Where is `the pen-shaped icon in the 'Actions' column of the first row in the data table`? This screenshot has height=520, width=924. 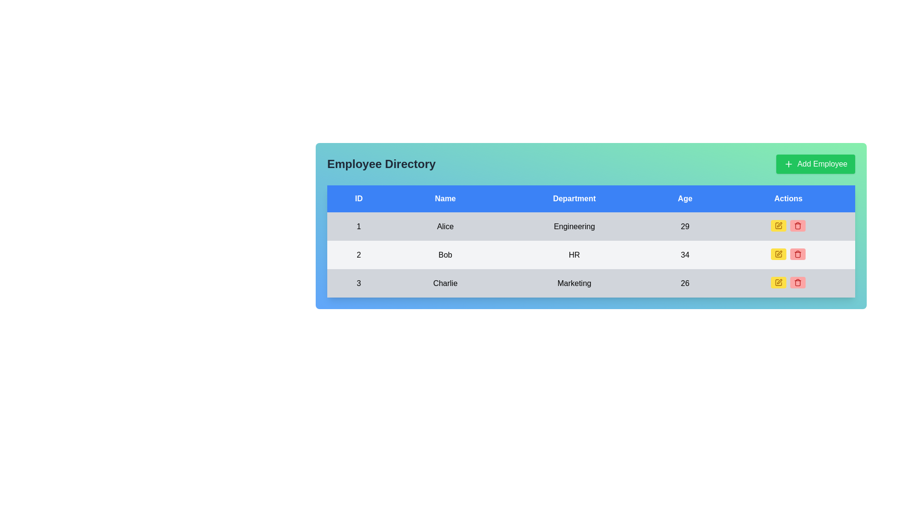
the pen-shaped icon in the 'Actions' column of the first row in the data table is located at coordinates (780, 224).